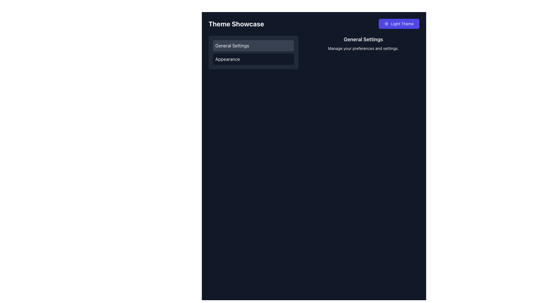 This screenshot has height=303, width=539. What do you see at coordinates (363, 39) in the screenshot?
I see `the text element displaying the title 'General Settings', which is prominently styled in a larger, bold font and located centrally above the subtitle 'Manage your preferences and settings'` at bounding box center [363, 39].